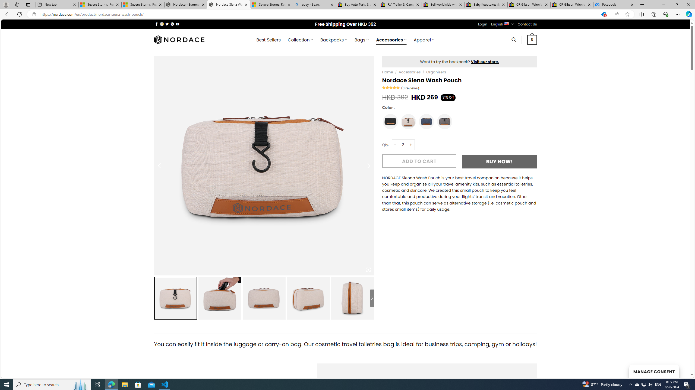 This screenshot has height=390, width=695. Describe the element at coordinates (482, 24) in the screenshot. I see `'Login'` at that location.